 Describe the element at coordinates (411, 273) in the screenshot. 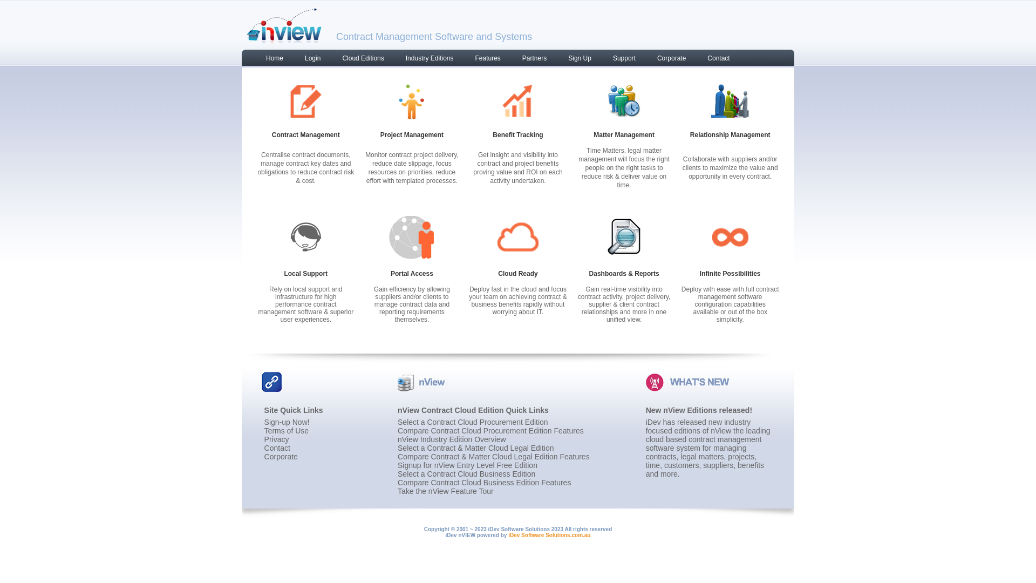

I see `'Portal Access'` at that location.